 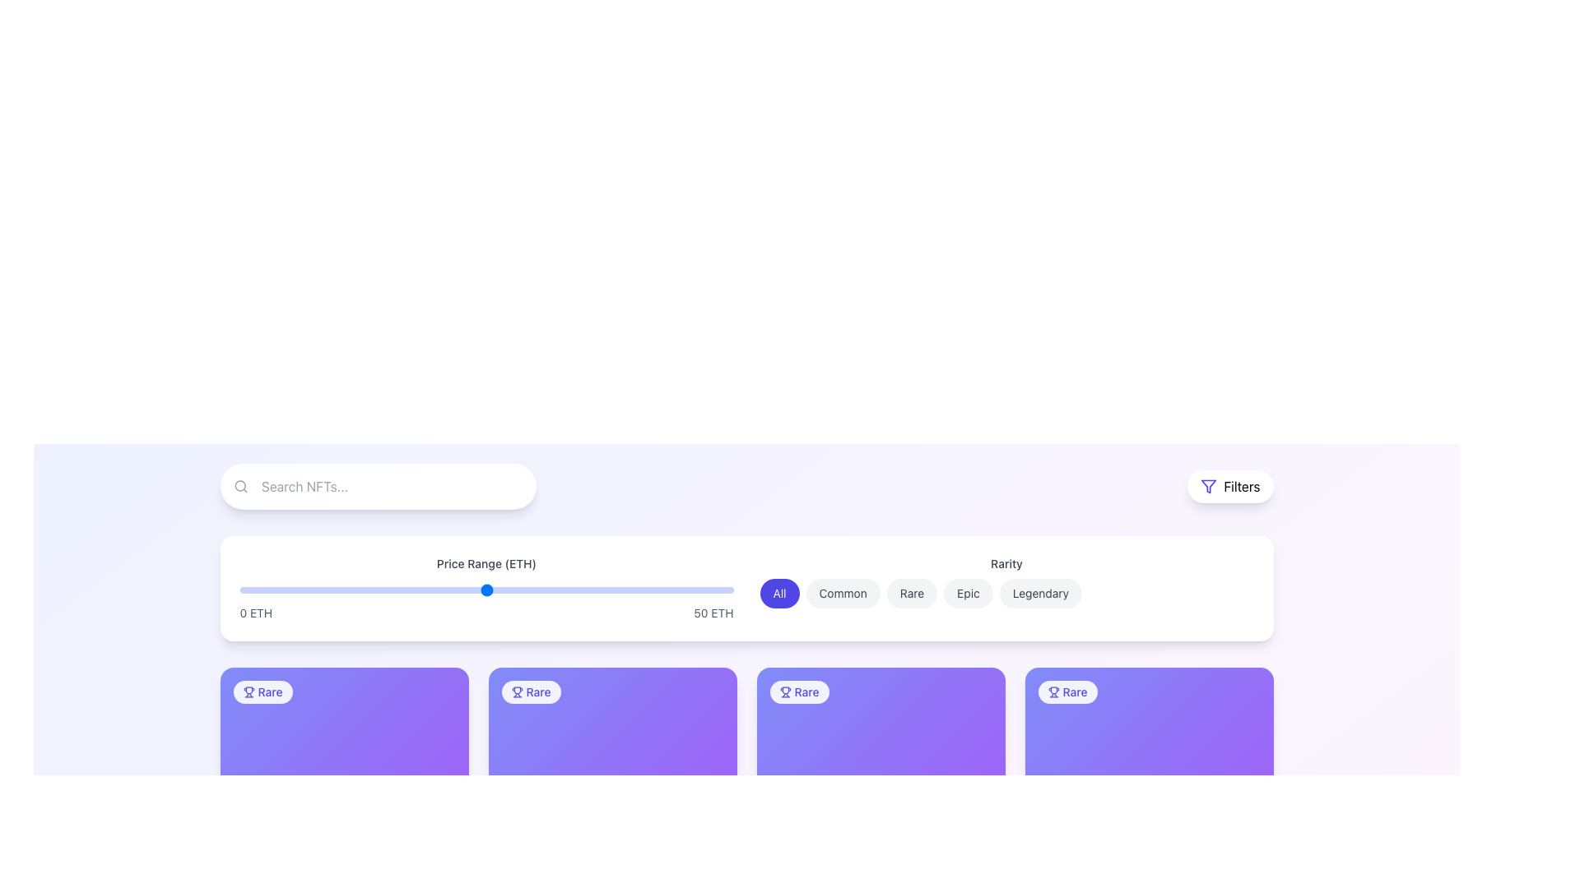 I want to click on the filtering icon located in the header section, to the far right next to the text 'Filters', so click(x=1209, y=485).